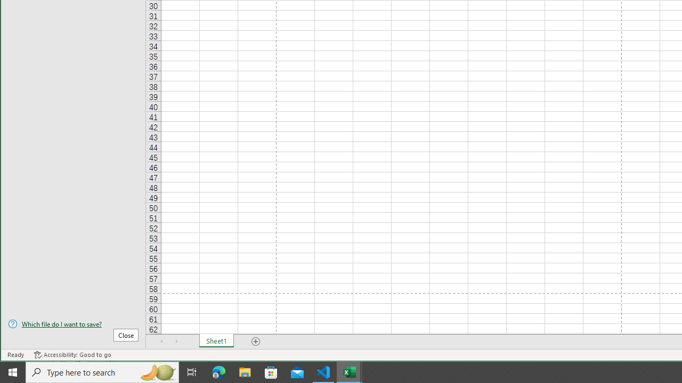  I want to click on 'Type here to search', so click(102, 371).